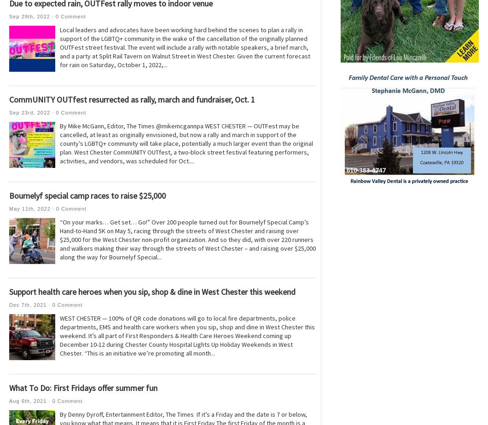 This screenshot has width=488, height=425. Describe the element at coordinates (30, 401) in the screenshot. I see `'Aug 6th, 2021 ·'` at that location.